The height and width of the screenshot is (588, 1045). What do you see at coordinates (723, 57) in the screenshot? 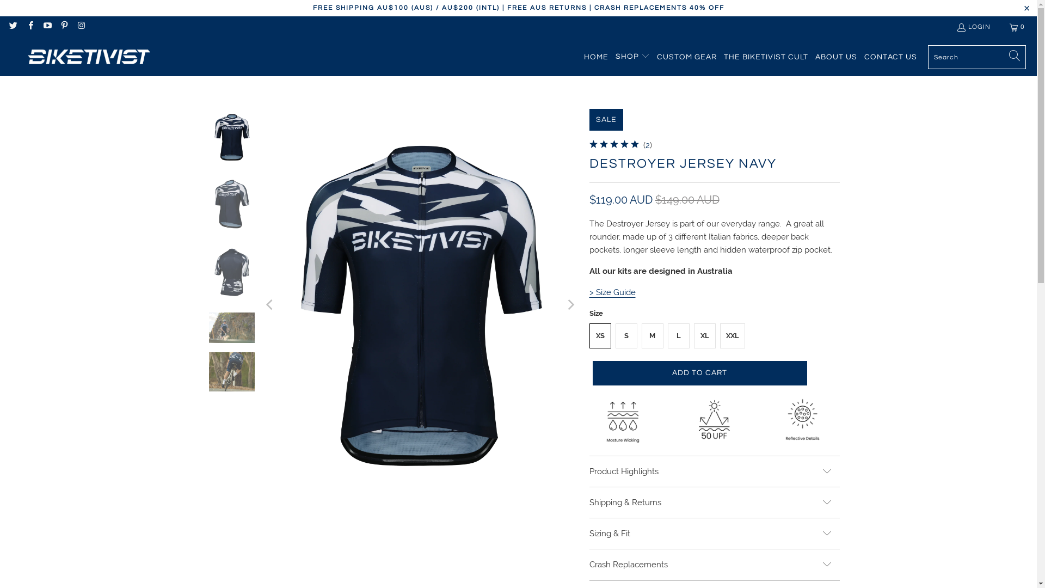
I see `'THE BIKETIVIST CULT'` at bounding box center [723, 57].